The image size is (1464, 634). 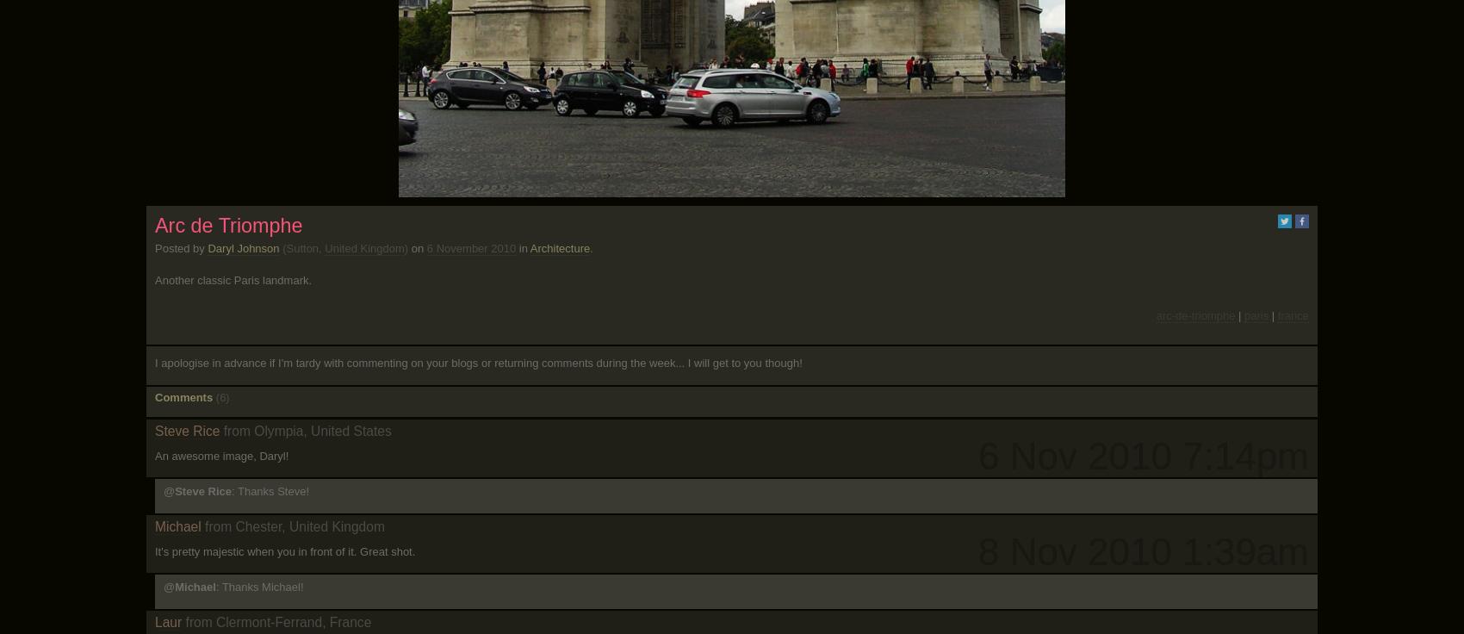 What do you see at coordinates (167, 621) in the screenshot?
I see `'Laur'` at bounding box center [167, 621].